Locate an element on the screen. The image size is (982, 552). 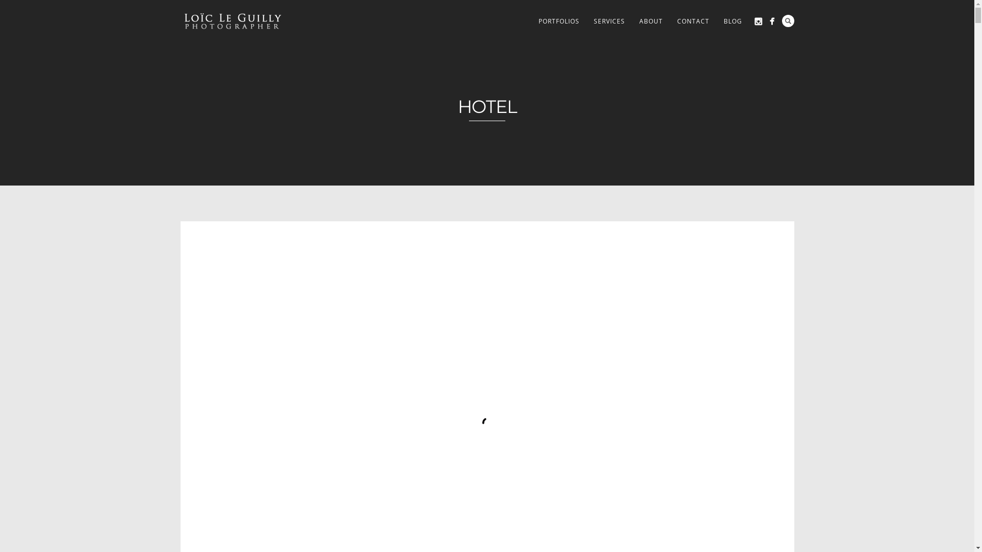
'Connect on Facebook' is located at coordinates (765, 21).